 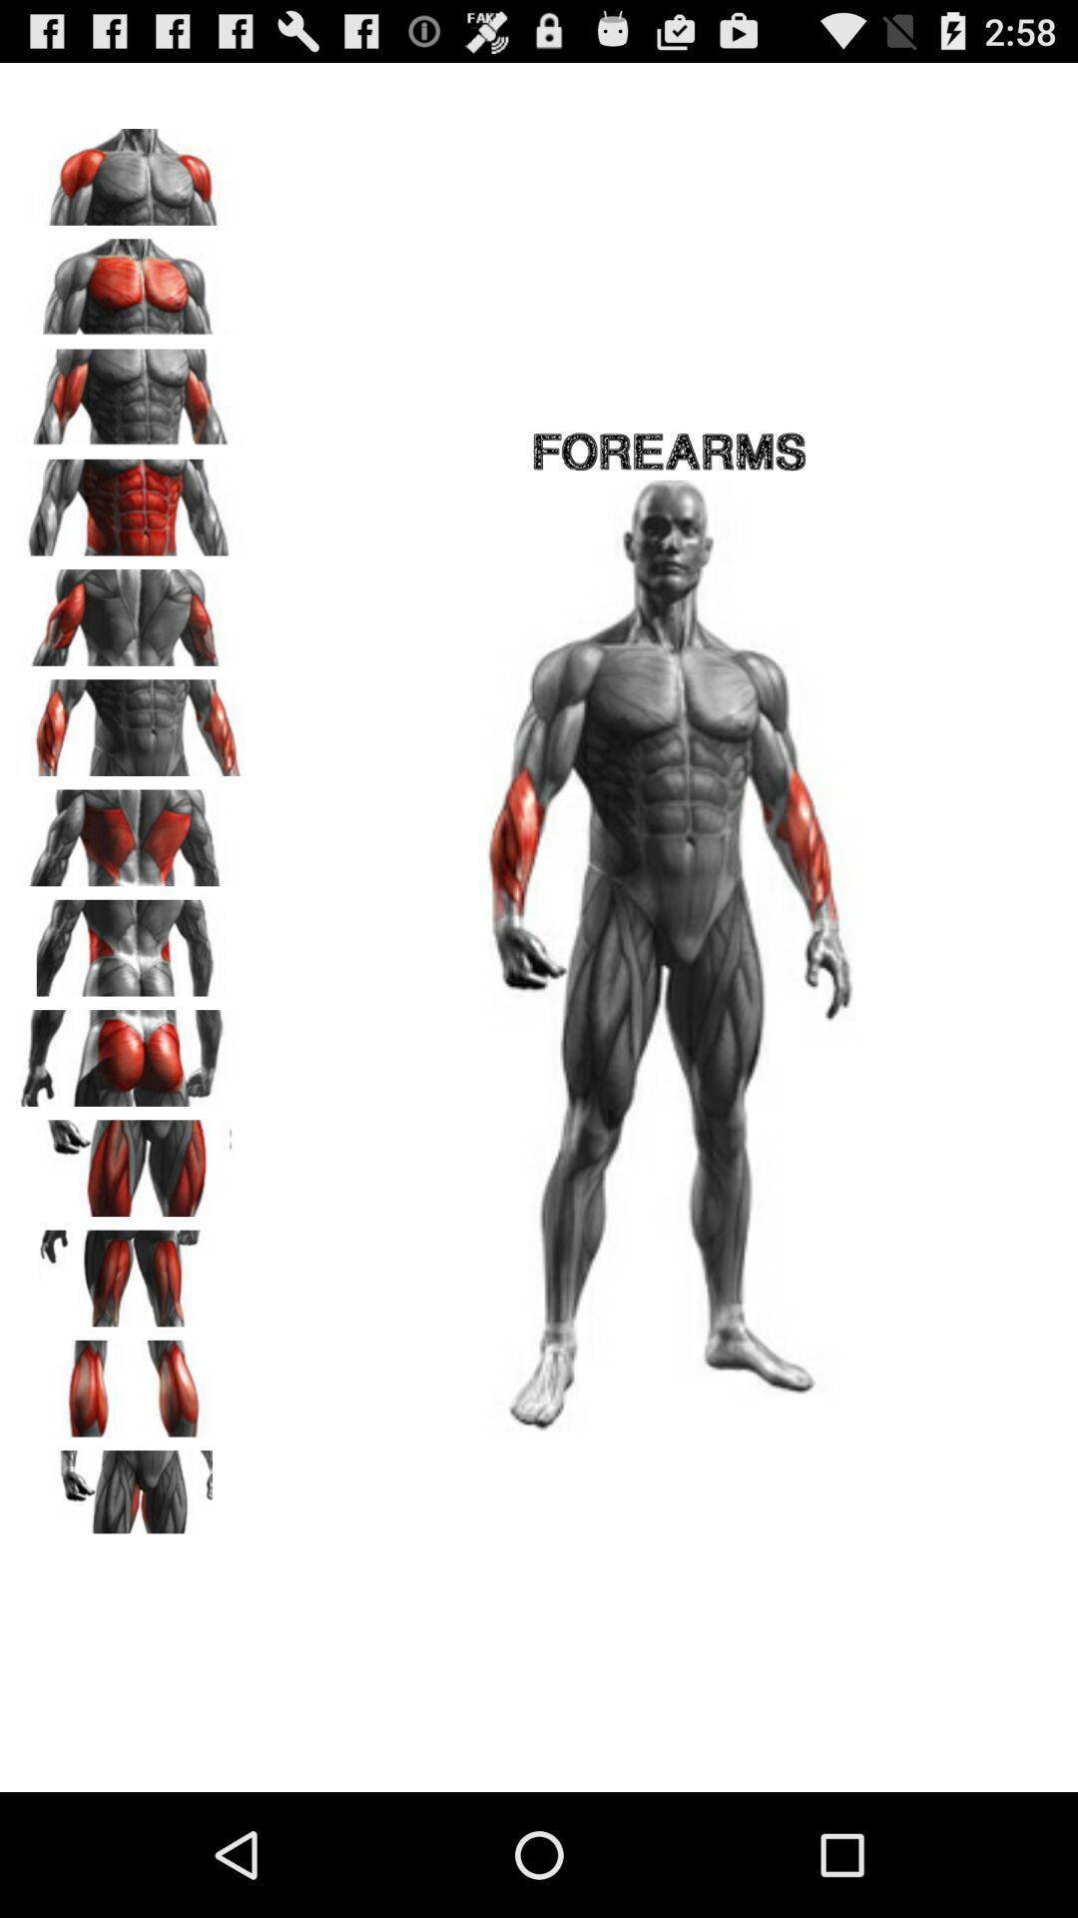 I want to click on abs, so click(x=131, y=500).